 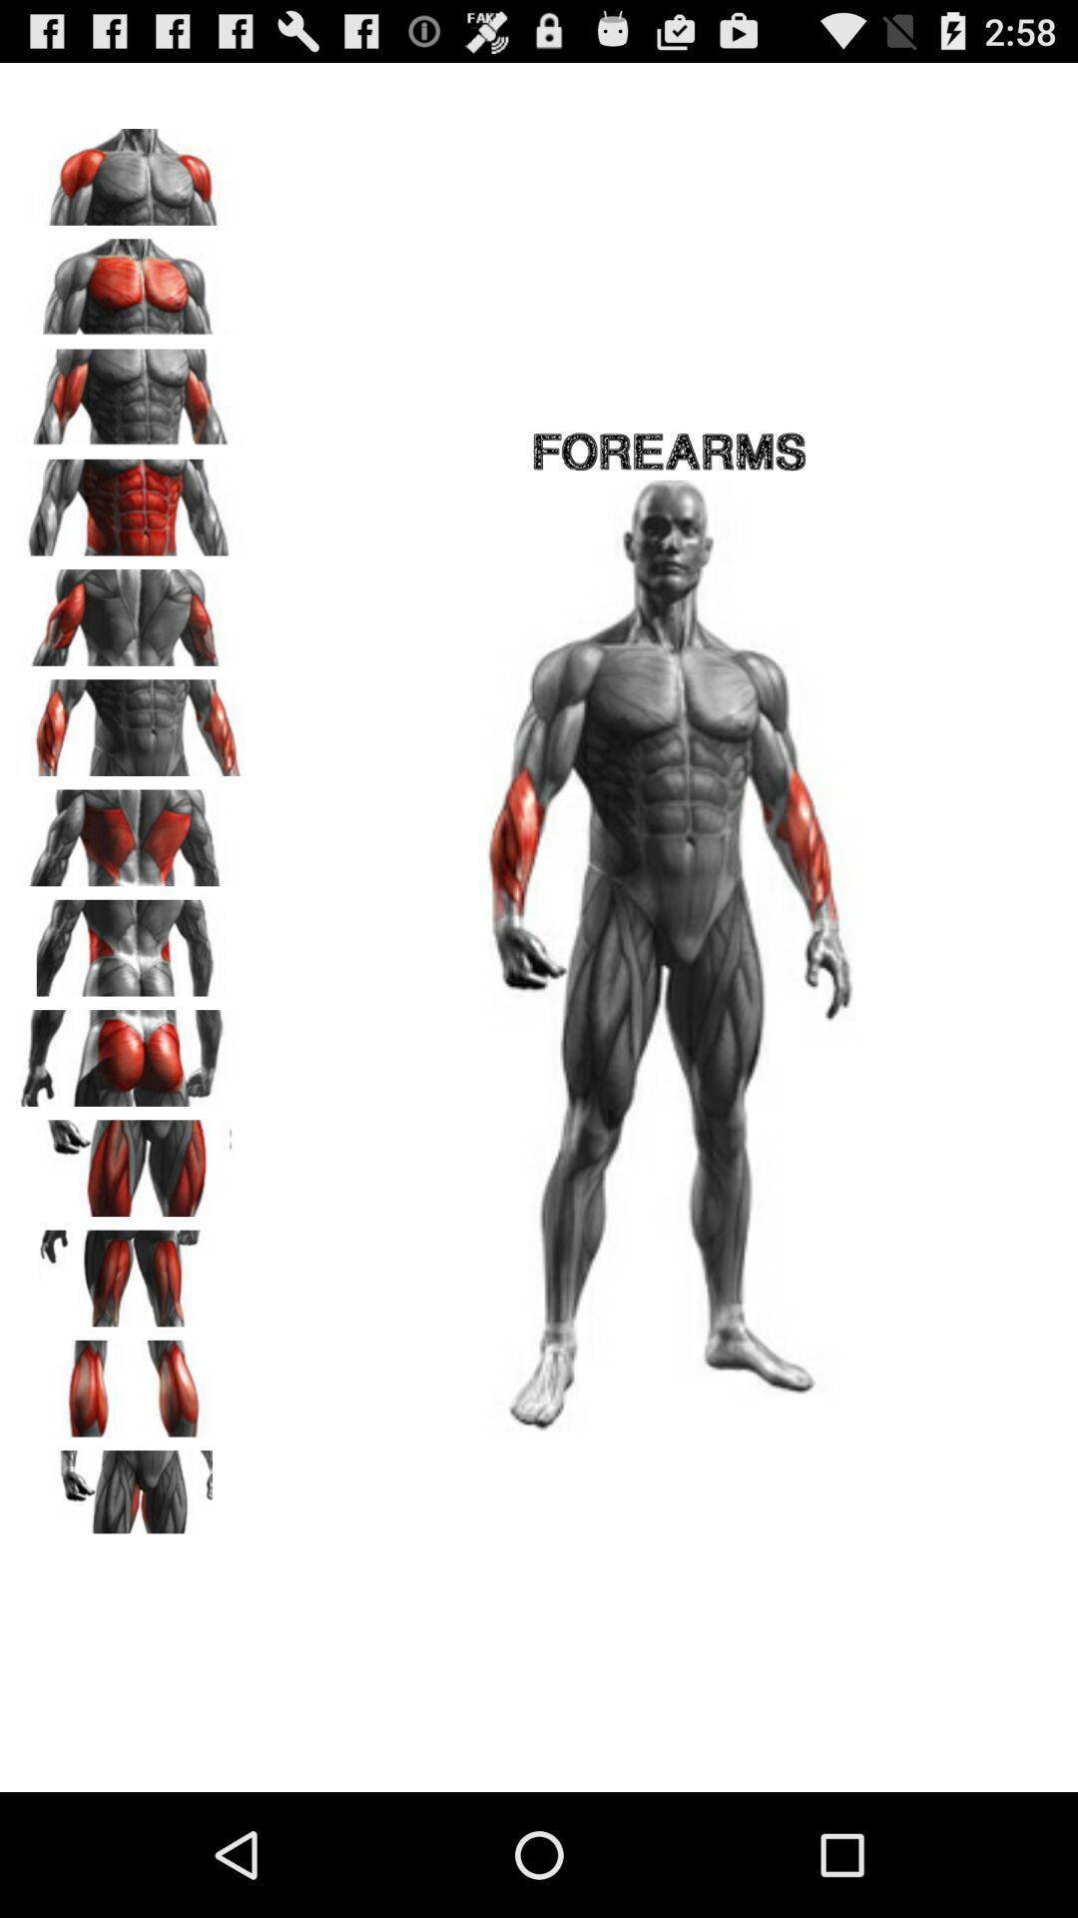 I want to click on abs, so click(x=131, y=500).